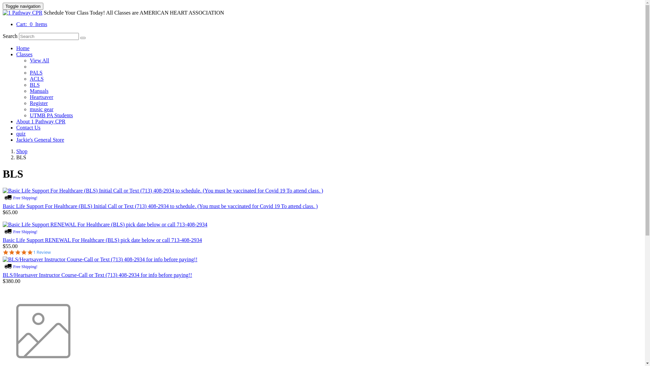 The height and width of the screenshot is (366, 650). What do you see at coordinates (23, 48) in the screenshot?
I see `'Home'` at bounding box center [23, 48].